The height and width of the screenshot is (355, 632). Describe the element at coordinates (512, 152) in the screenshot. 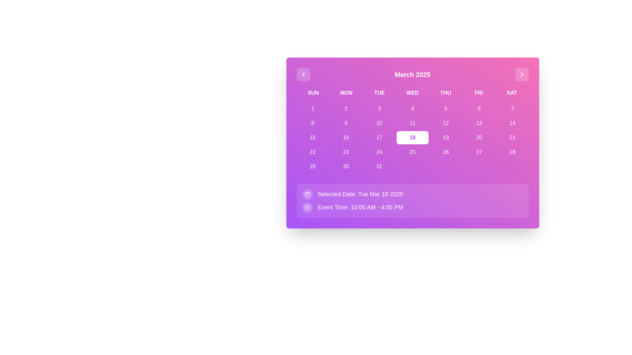

I see `the interactive date button '28' in the calendar interface` at that location.